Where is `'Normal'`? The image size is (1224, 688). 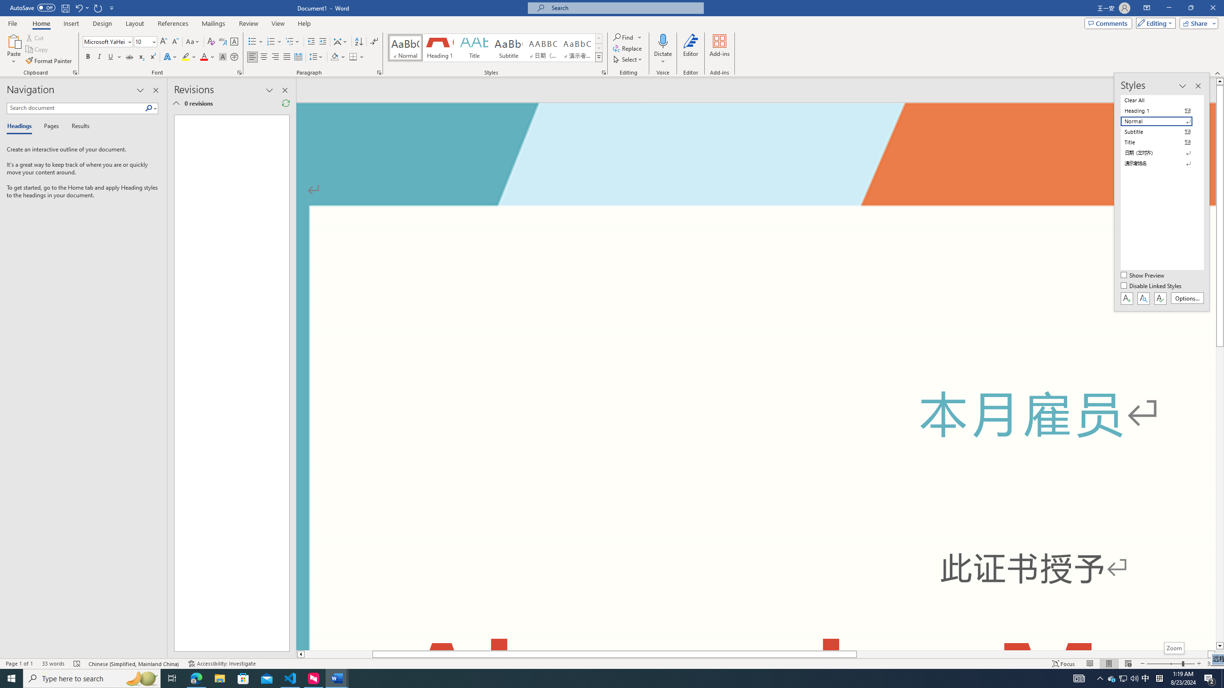
'Normal' is located at coordinates (1162, 121).